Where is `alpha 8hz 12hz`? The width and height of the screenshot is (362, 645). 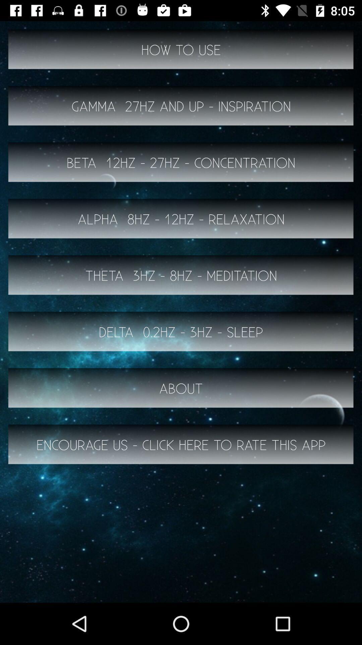 alpha 8hz 12hz is located at coordinates (181, 219).